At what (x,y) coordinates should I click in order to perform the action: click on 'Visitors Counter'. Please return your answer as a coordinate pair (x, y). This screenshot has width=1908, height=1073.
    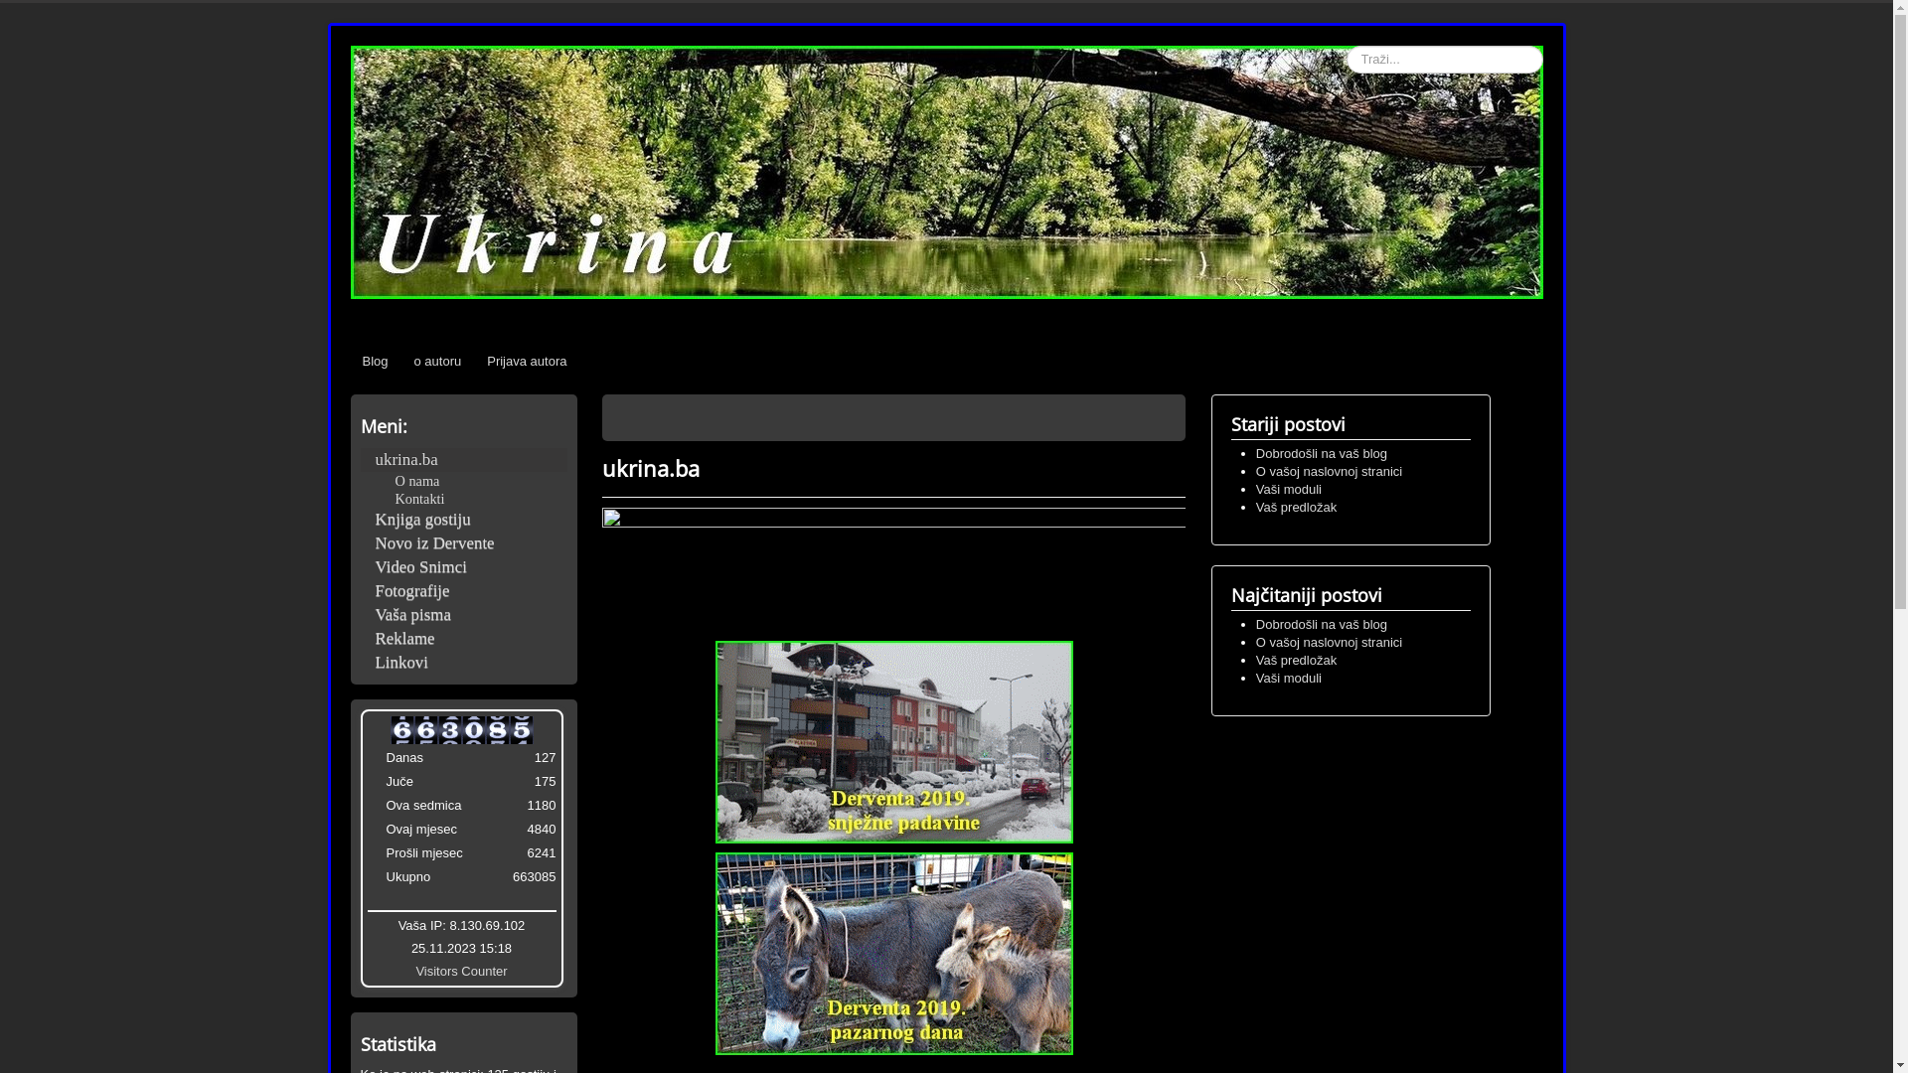
    Looking at the image, I should click on (413, 970).